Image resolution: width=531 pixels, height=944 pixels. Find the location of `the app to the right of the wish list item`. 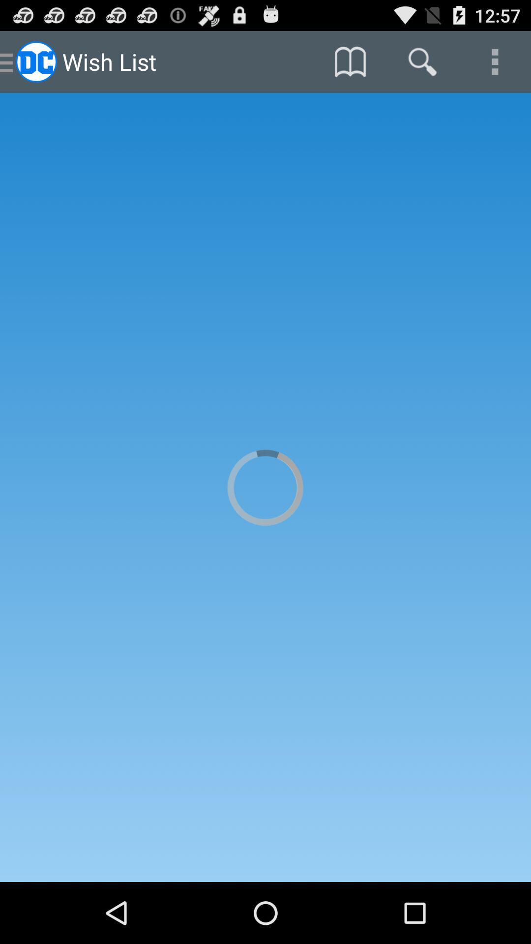

the app to the right of the wish list item is located at coordinates (350, 61).